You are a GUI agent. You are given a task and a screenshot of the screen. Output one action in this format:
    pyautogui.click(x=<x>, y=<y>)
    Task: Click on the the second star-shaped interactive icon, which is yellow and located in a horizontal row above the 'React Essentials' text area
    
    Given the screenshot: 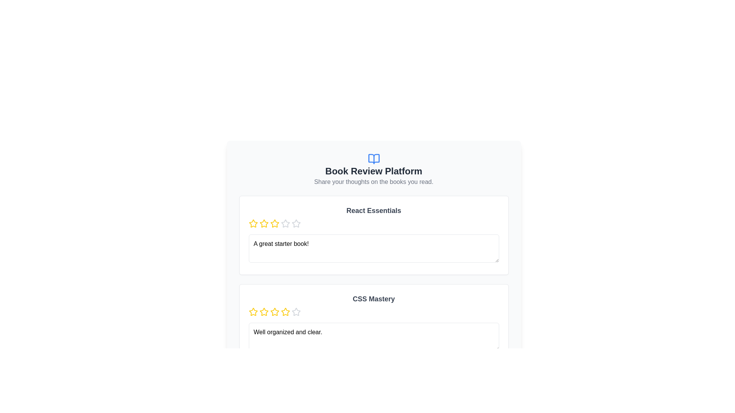 What is the action you would take?
    pyautogui.click(x=264, y=224)
    